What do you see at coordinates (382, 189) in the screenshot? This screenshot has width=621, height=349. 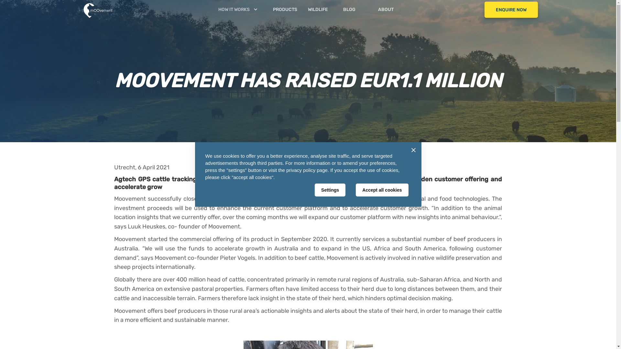 I see `'Accept all cookies'` at bounding box center [382, 189].